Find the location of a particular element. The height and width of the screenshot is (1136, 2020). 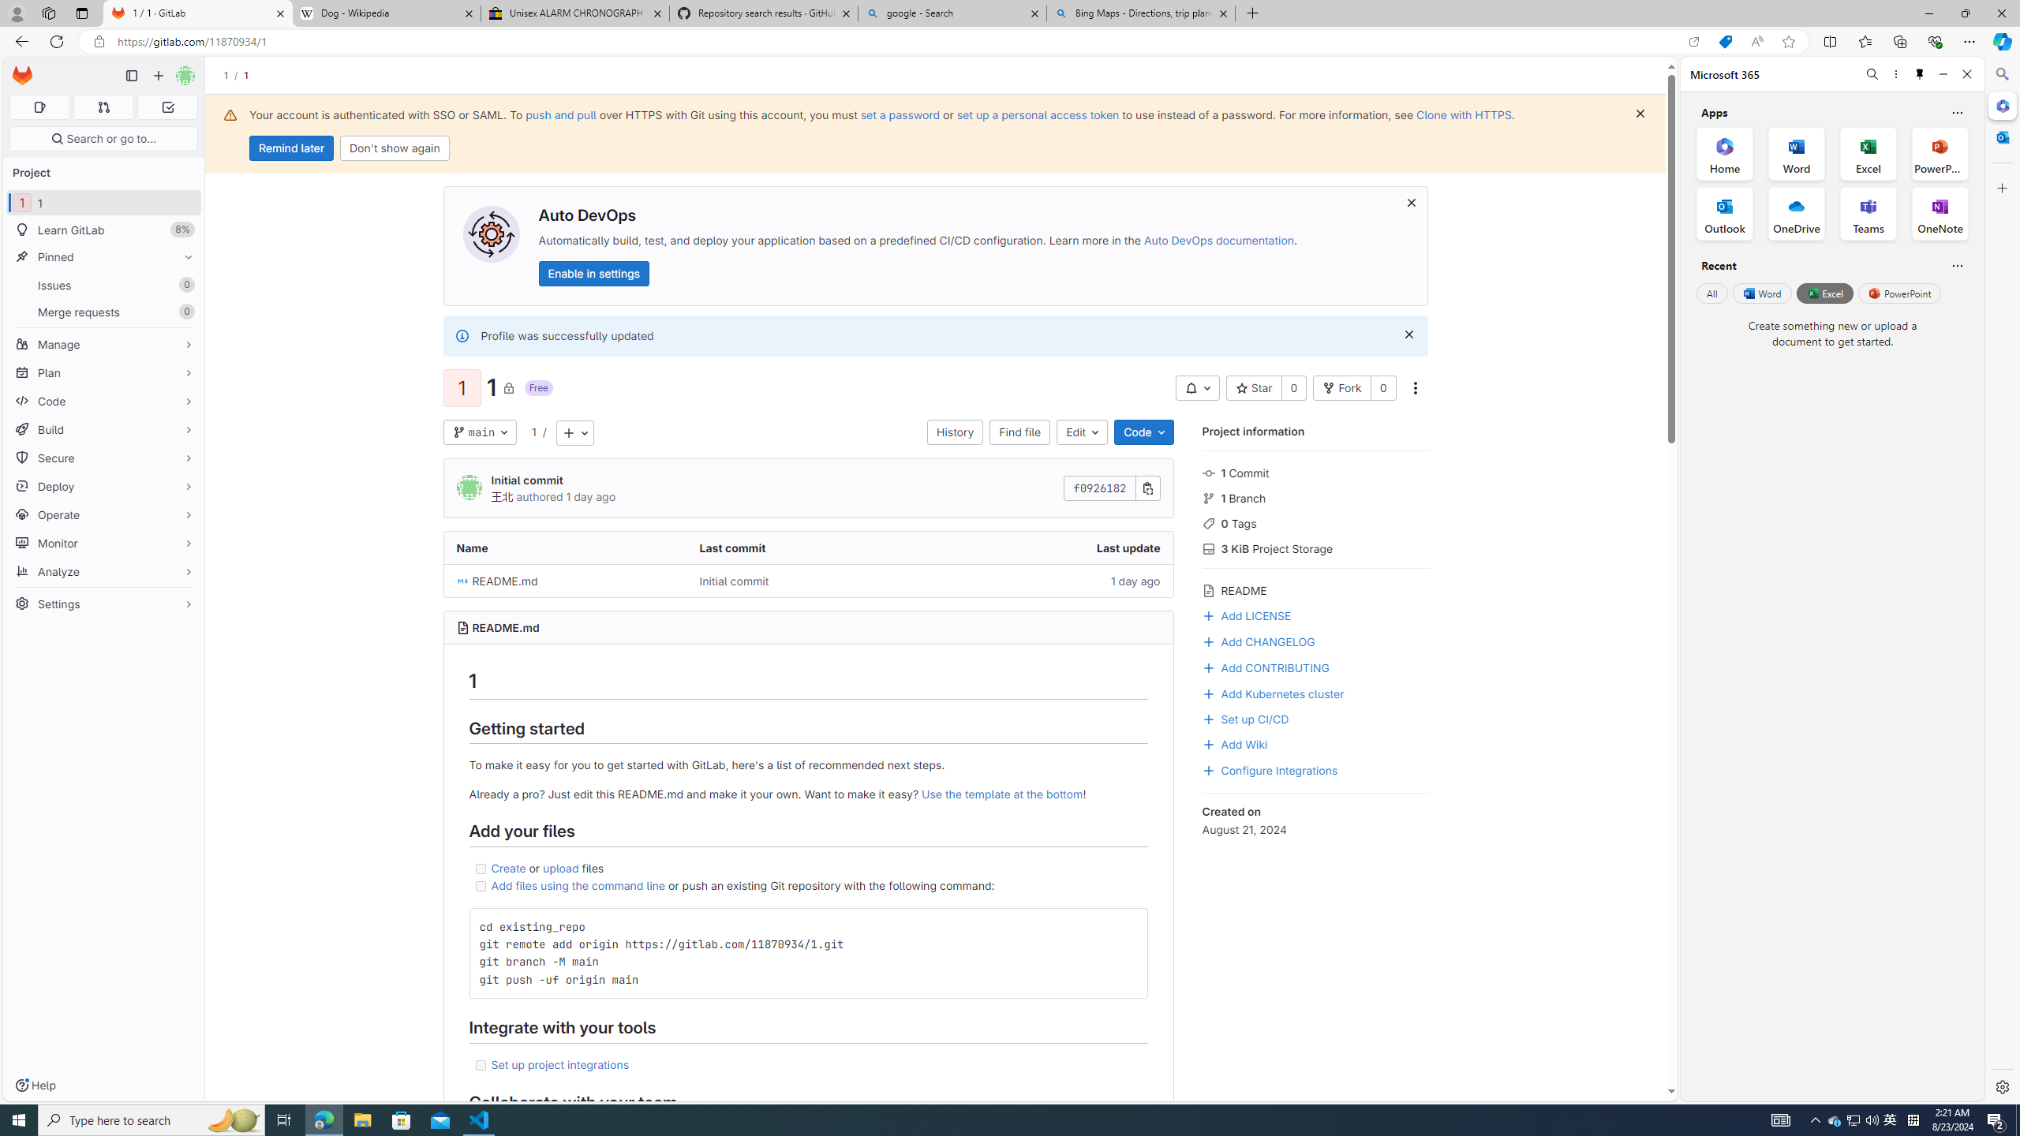

'Deploy' is located at coordinates (103, 486).